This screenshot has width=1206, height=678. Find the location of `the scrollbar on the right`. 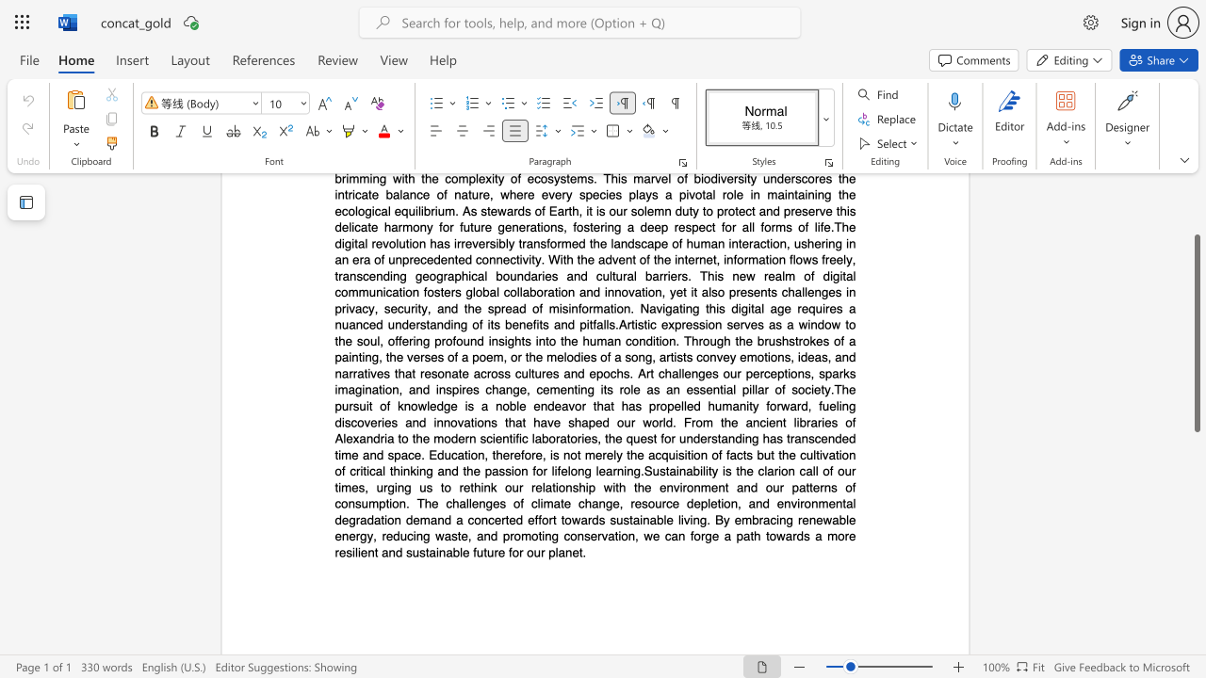

the scrollbar on the right is located at coordinates (1196, 497).